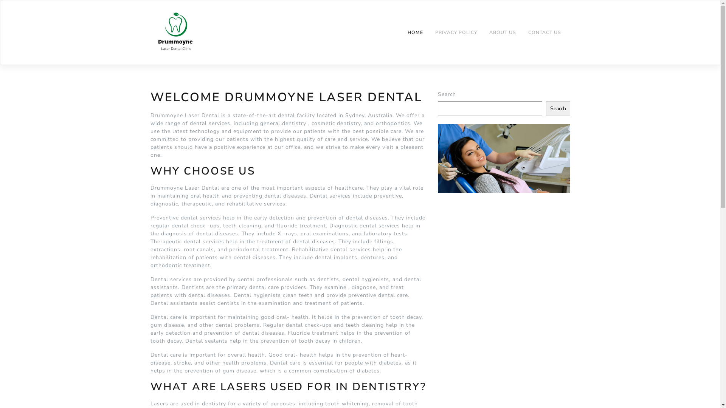  I want to click on 'HOME', so click(404, 32).